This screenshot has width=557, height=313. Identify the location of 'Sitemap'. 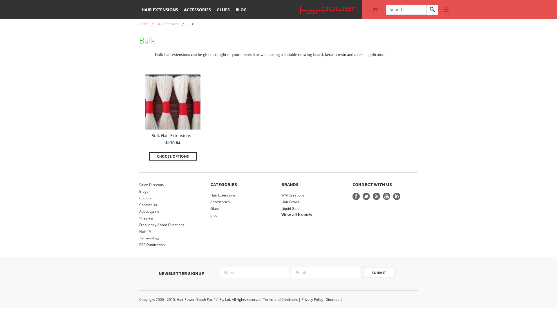
(326, 299).